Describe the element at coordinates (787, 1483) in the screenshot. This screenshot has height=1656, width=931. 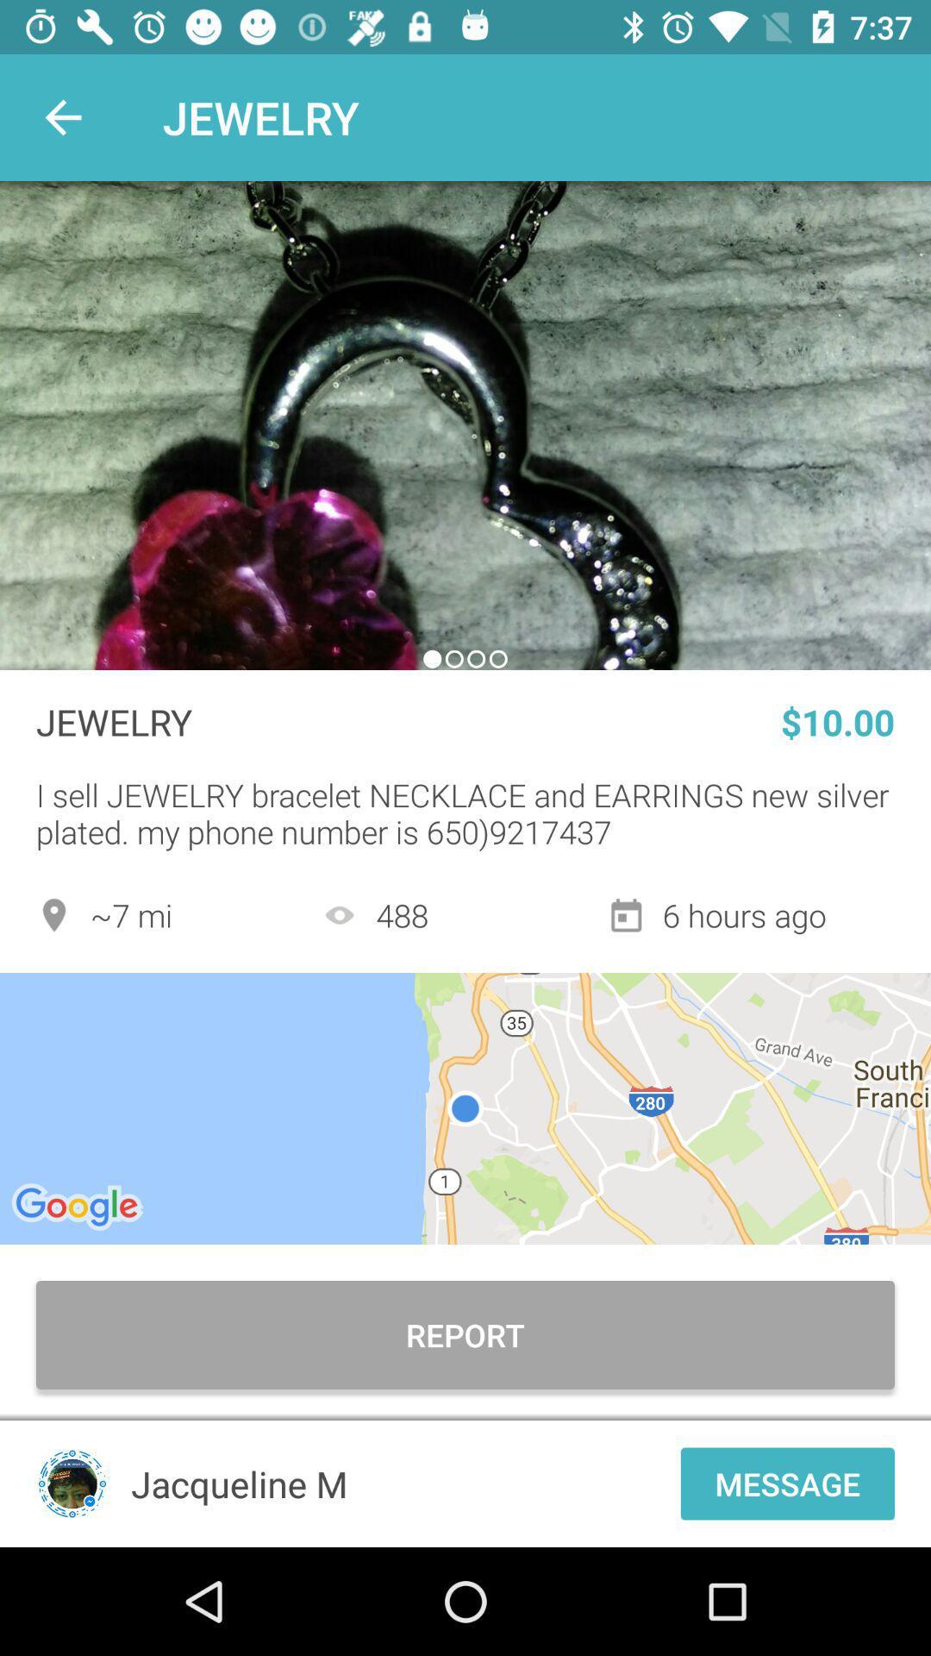
I see `the message item` at that location.